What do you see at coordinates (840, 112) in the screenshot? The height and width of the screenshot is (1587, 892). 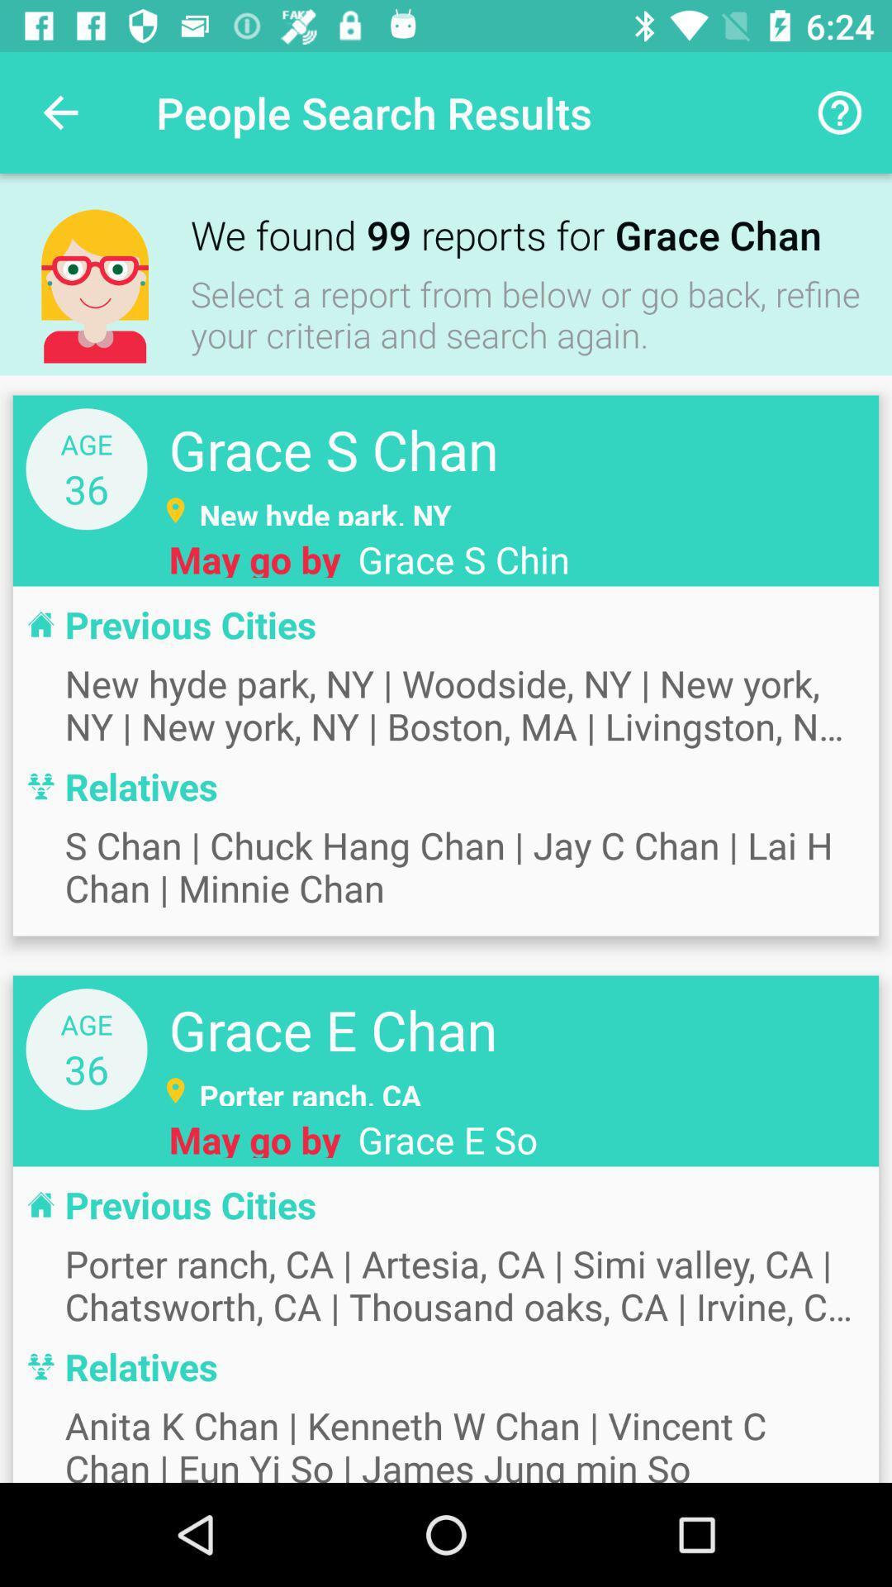 I see `the item next to people search results` at bounding box center [840, 112].